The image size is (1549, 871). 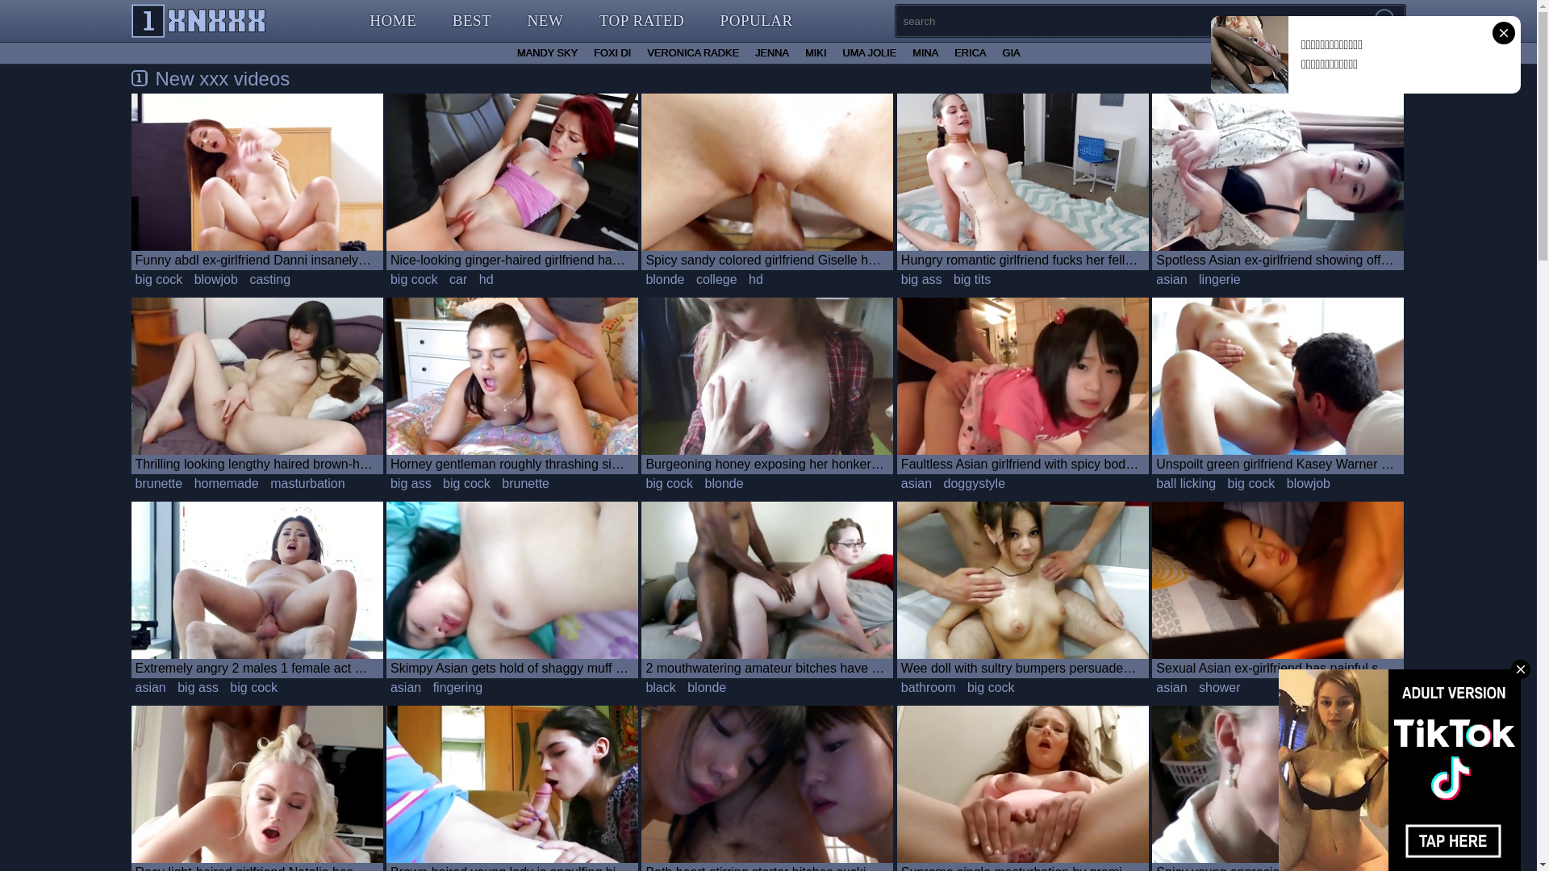 What do you see at coordinates (1021, 181) in the screenshot?
I see `'Hungry romantic girlfriend fucks her fellow hd'` at bounding box center [1021, 181].